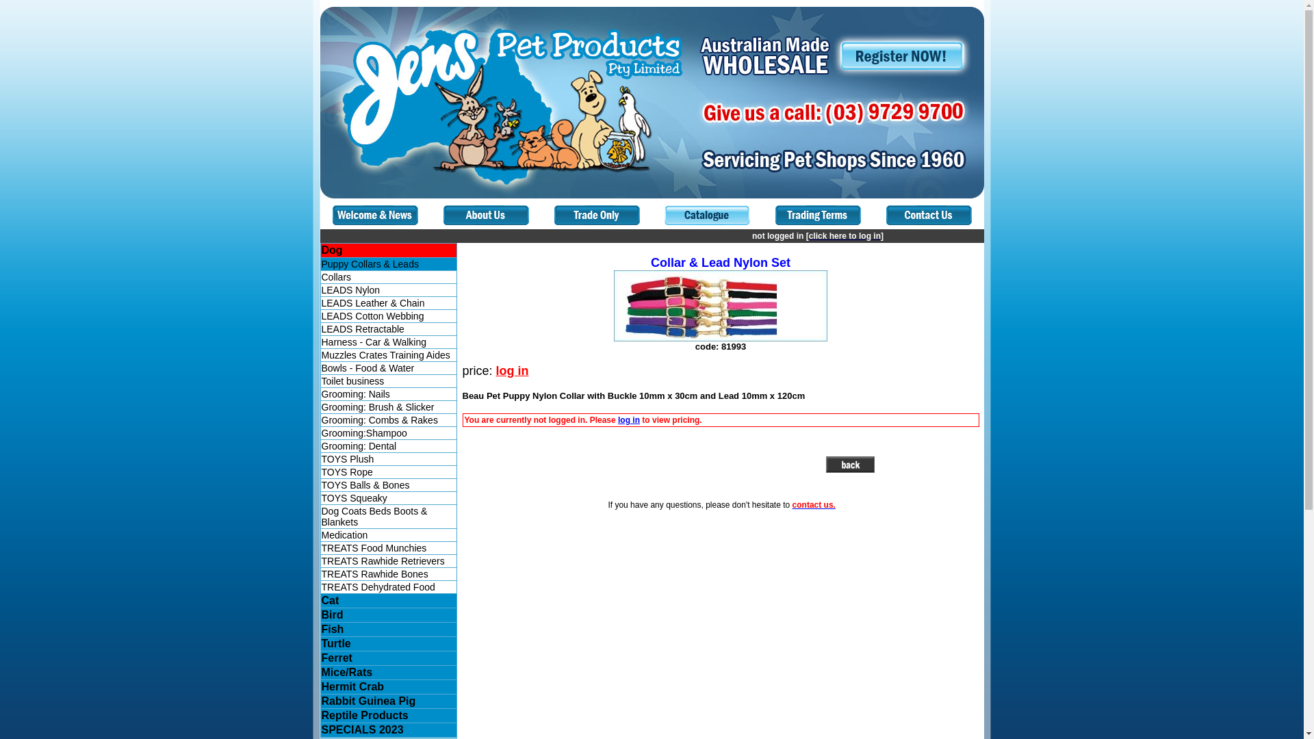 The height and width of the screenshot is (739, 1314). I want to click on 'Bird', so click(332, 614).